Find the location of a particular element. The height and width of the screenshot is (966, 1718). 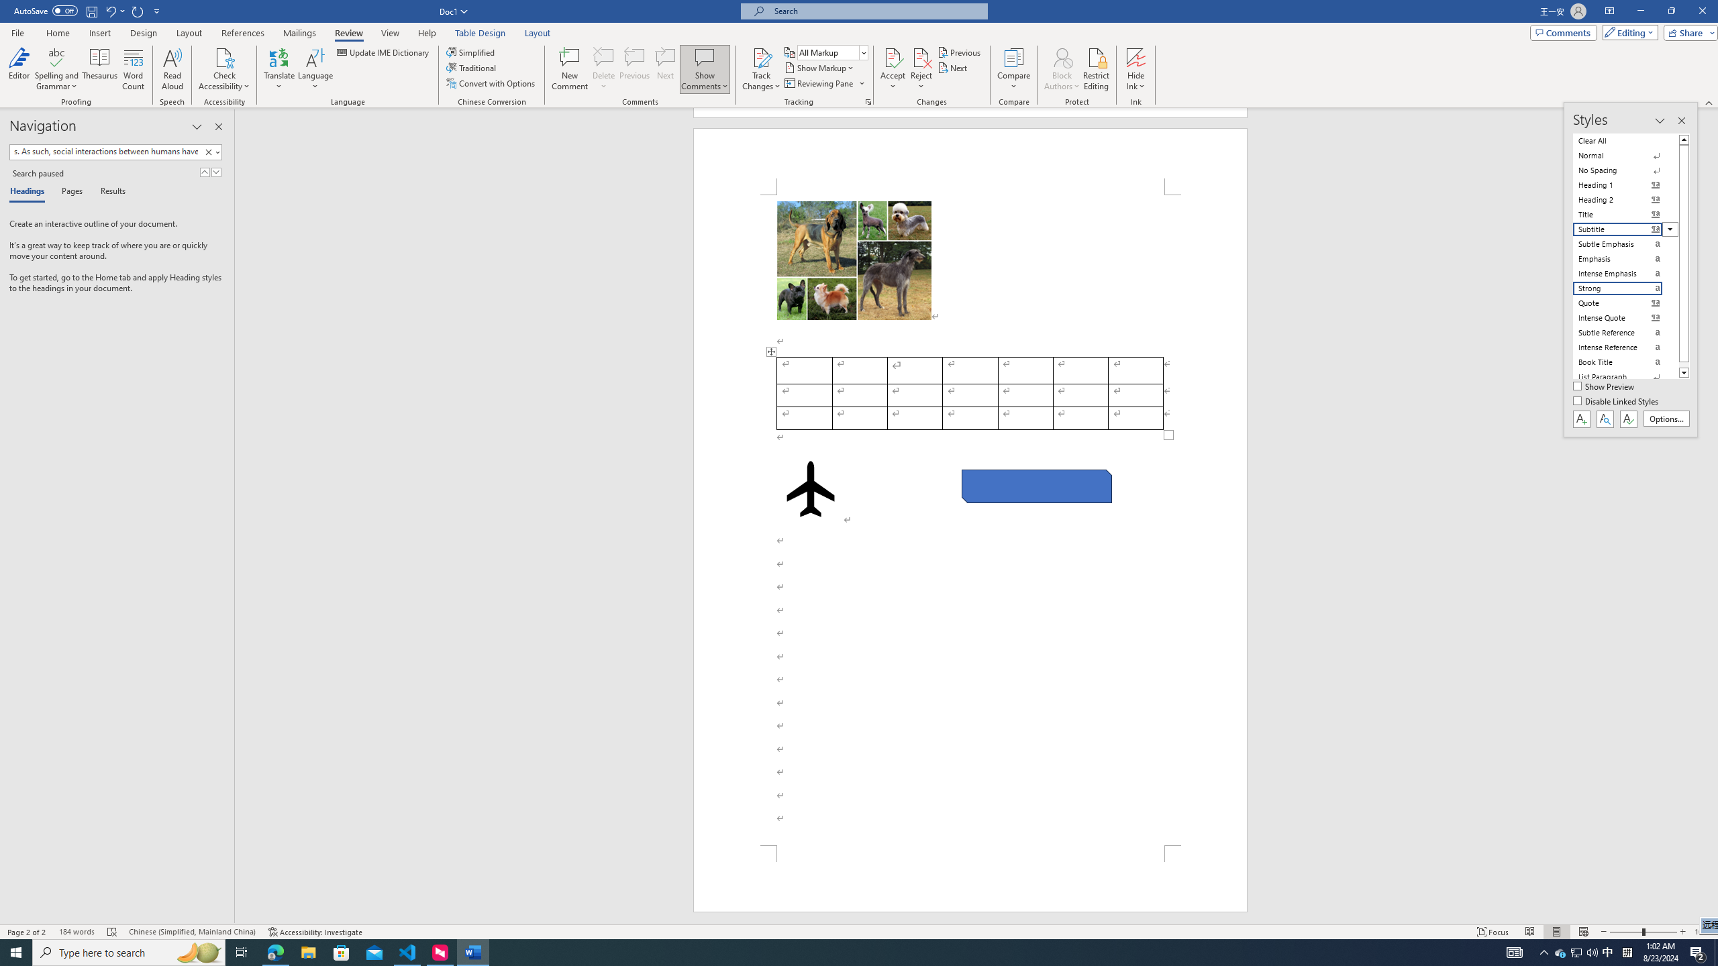

'Emphasis' is located at coordinates (1625, 258).